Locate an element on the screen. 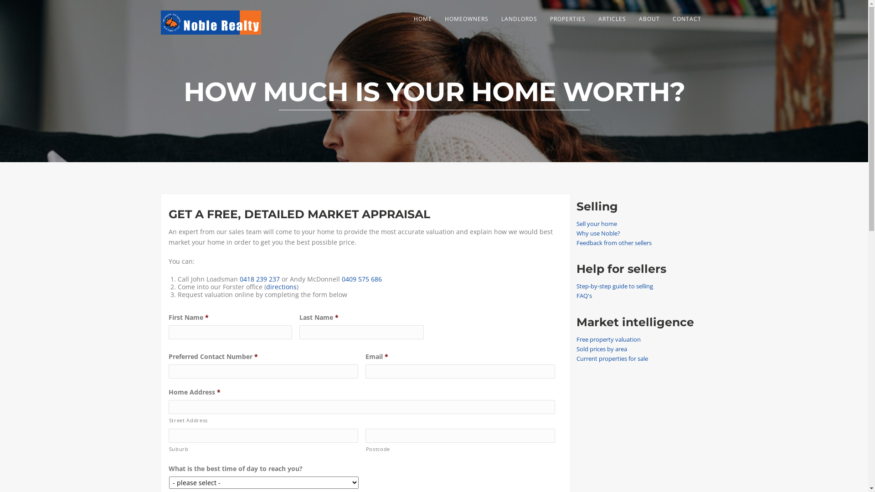  'HOMEOWNERS' is located at coordinates (466, 19).